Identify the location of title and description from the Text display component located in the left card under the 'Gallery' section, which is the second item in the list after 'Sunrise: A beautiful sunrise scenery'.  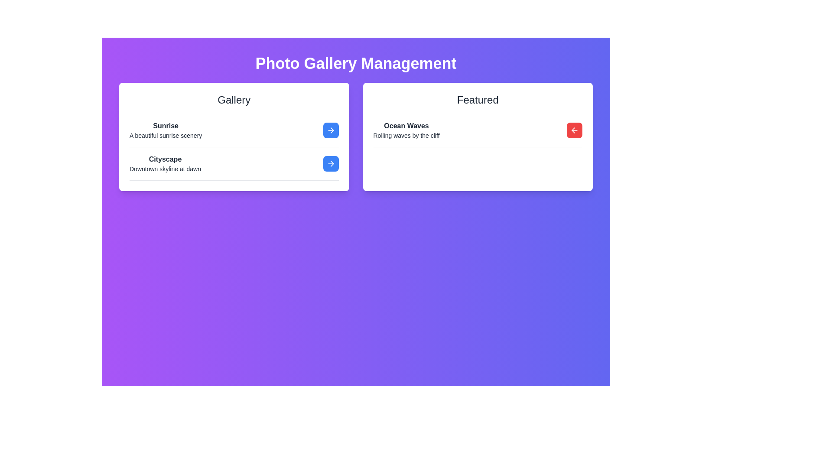
(165, 164).